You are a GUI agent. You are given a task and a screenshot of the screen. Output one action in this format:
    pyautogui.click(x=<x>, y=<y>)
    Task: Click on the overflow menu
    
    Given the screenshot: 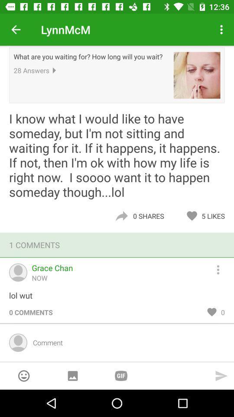 What is the action you would take?
    pyautogui.click(x=222, y=268)
    